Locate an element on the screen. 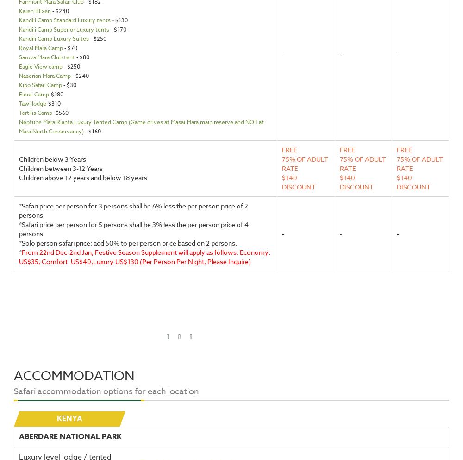  'Accommodation' is located at coordinates (74, 376).